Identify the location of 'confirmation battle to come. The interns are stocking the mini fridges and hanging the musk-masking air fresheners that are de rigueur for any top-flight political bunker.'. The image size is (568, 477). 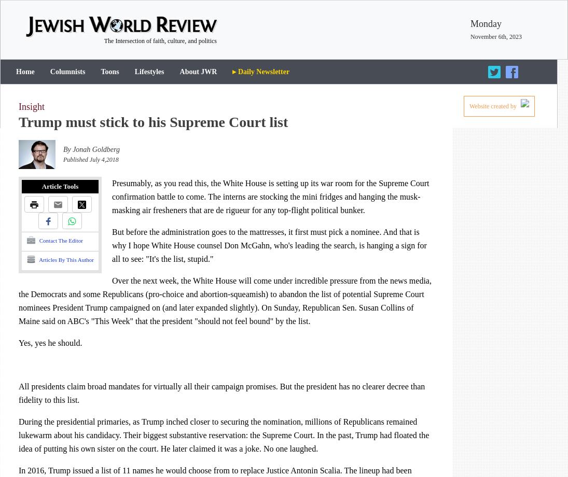
(266, 203).